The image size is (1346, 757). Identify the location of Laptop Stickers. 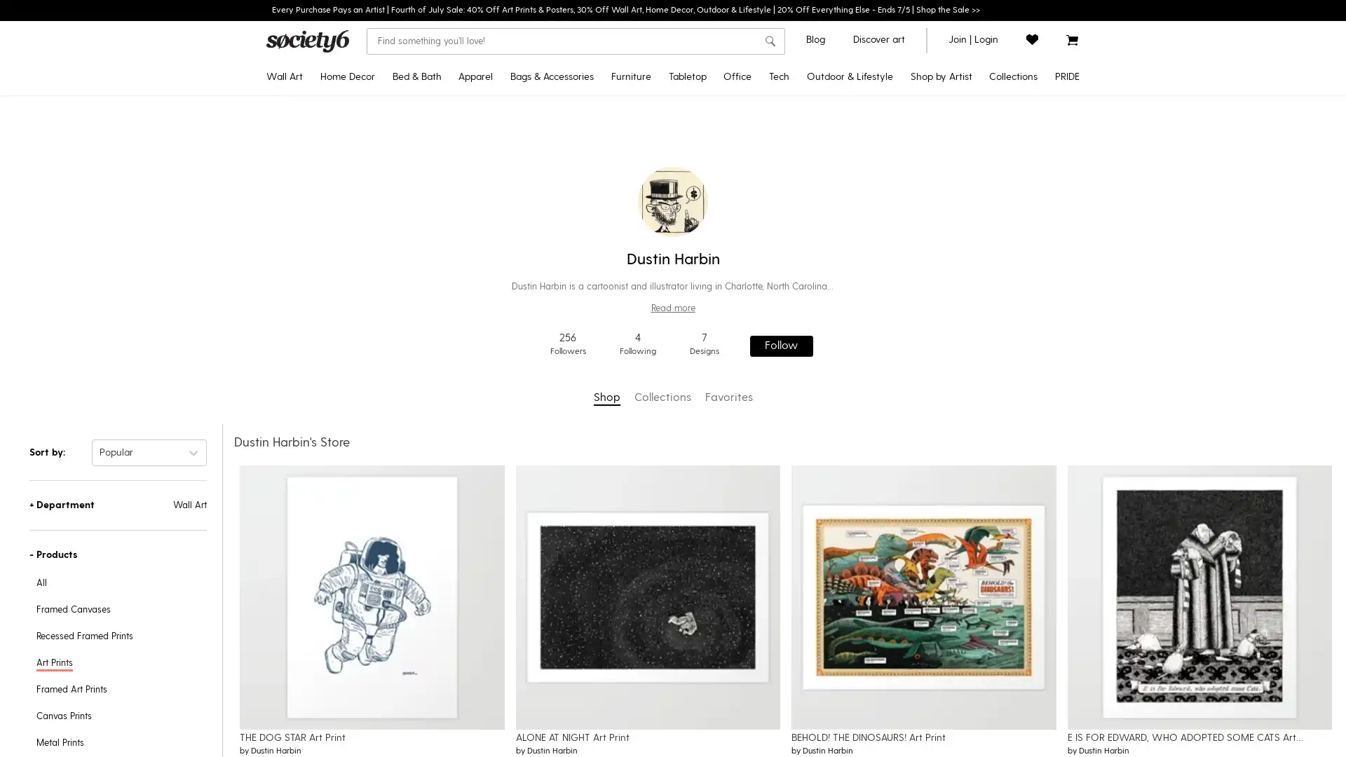
(829, 315).